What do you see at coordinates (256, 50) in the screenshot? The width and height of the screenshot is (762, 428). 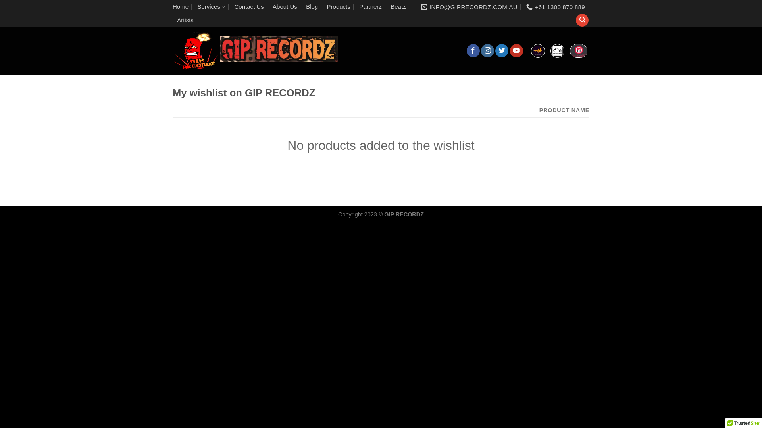 I see `'GIP RECORDZ - pop urban record label'` at bounding box center [256, 50].